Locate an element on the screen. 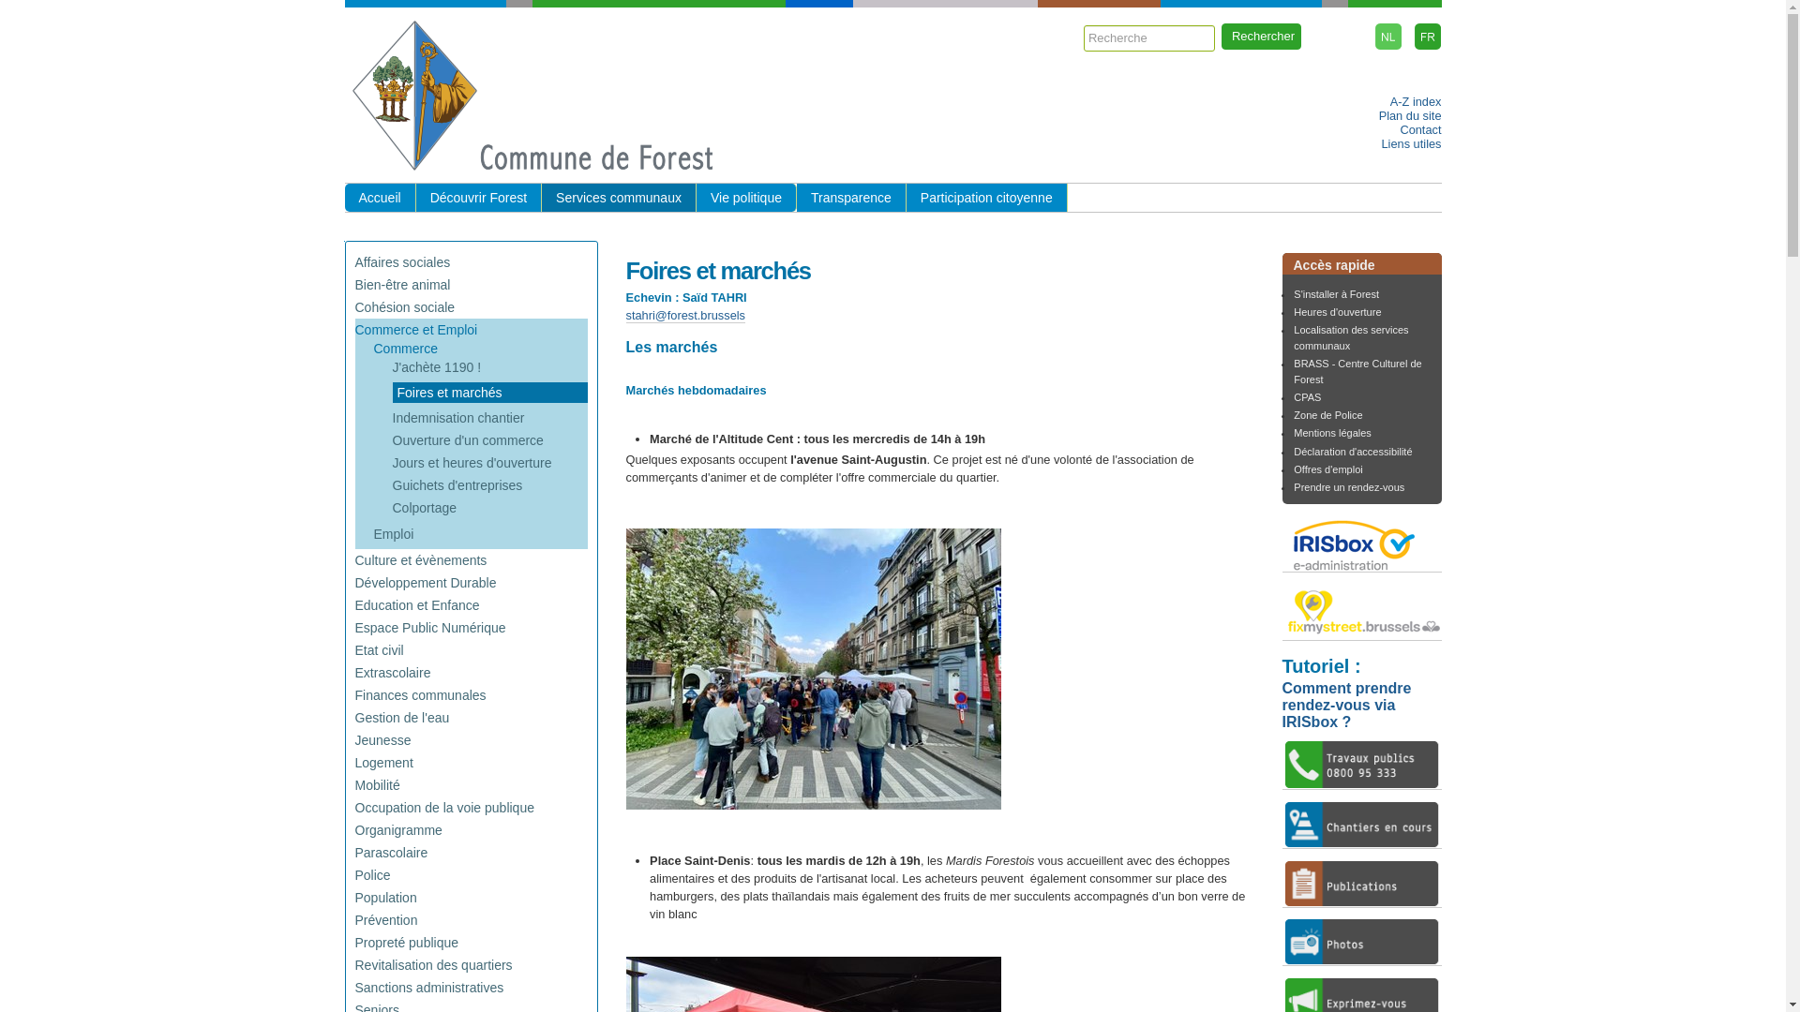  'Gestion de l'eau' is located at coordinates (400, 717).